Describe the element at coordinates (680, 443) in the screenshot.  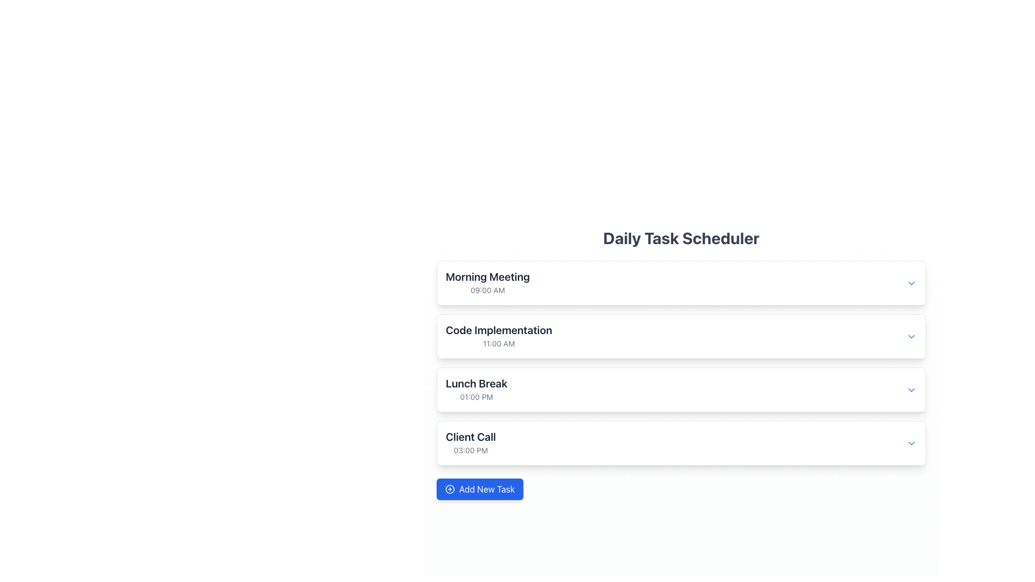
I see `the right arrow of the last Collapsible List Item in the 'Daily Task Scheduler'` at that location.